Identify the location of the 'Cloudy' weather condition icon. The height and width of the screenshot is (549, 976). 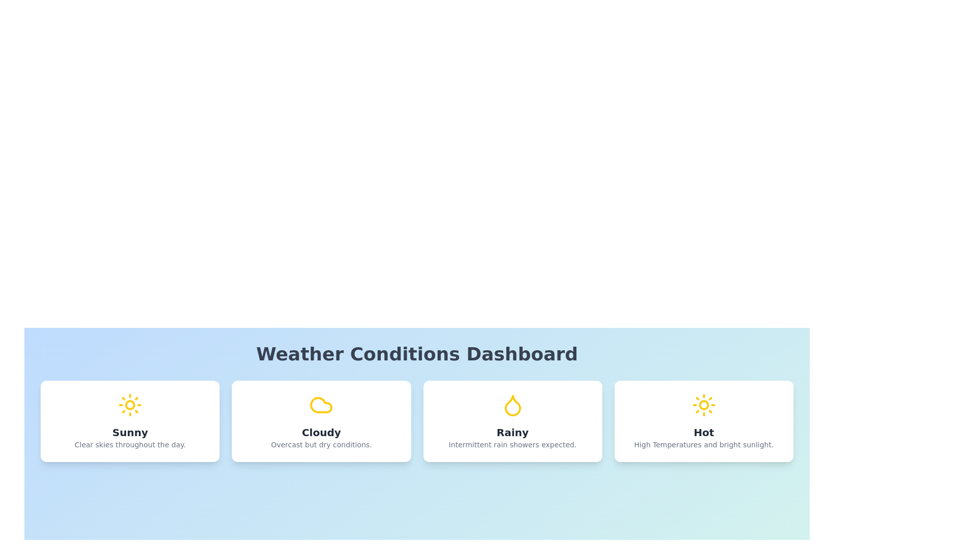
(321, 405).